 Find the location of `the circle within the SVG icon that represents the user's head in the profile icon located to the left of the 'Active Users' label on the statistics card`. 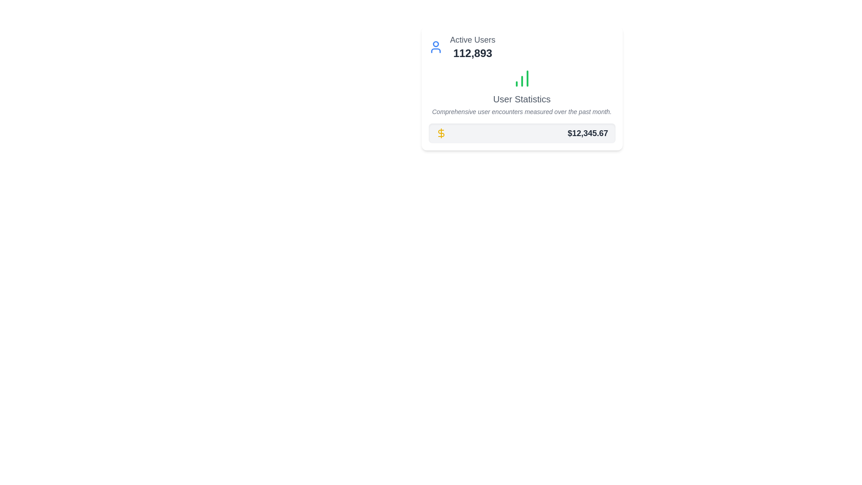

the circle within the SVG icon that represents the user's head in the profile icon located to the left of the 'Active Users' label on the statistics card is located at coordinates (435, 44).